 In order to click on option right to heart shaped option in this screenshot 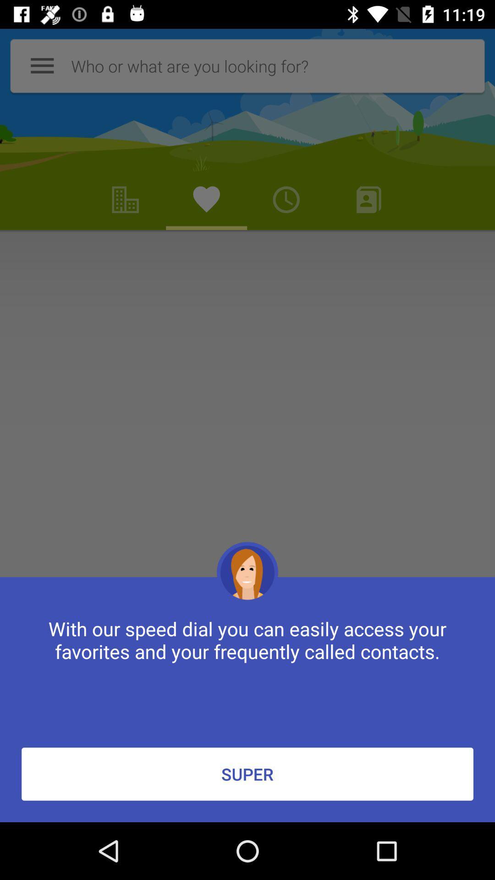, I will do `click(286, 199)`.